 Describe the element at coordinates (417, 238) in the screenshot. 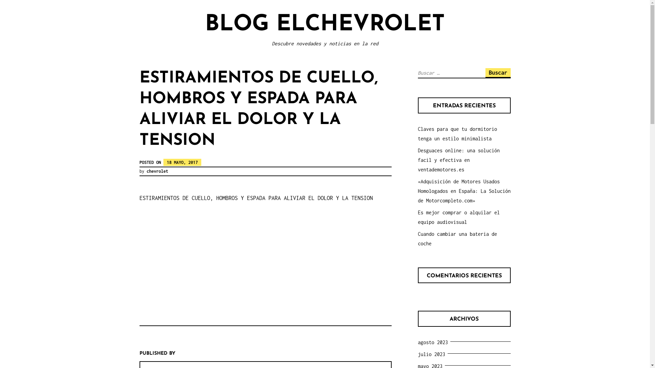

I see `'Cuando cambiar una bateria de coche'` at that location.